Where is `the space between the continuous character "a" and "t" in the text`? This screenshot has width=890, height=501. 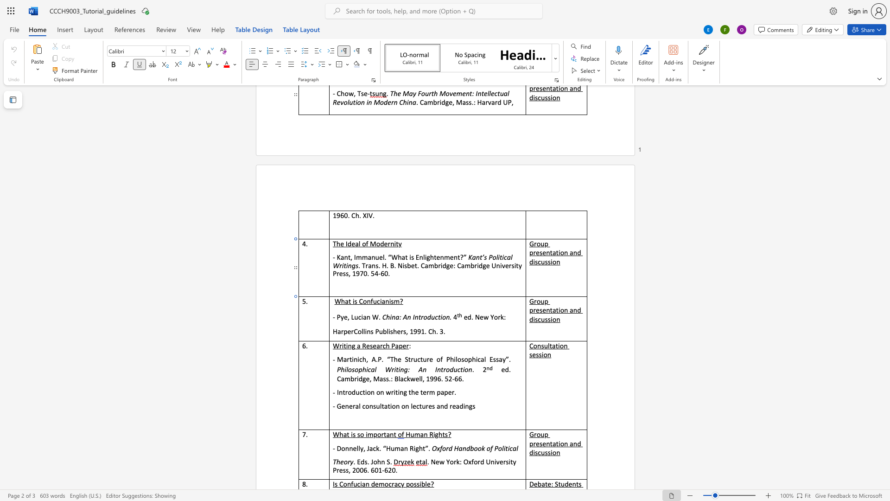 the space between the continuous character "a" and "t" in the text is located at coordinates (348, 301).